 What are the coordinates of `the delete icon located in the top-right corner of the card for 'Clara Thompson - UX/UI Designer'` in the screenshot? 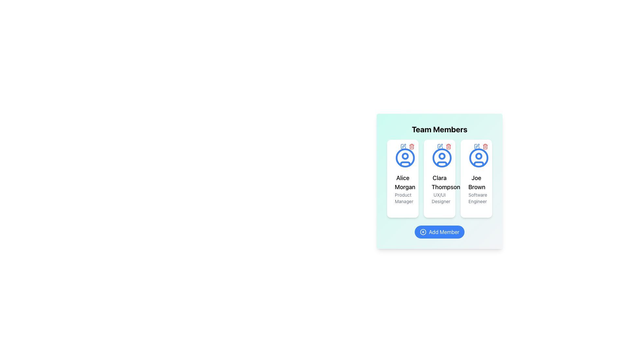 It's located at (444, 147).